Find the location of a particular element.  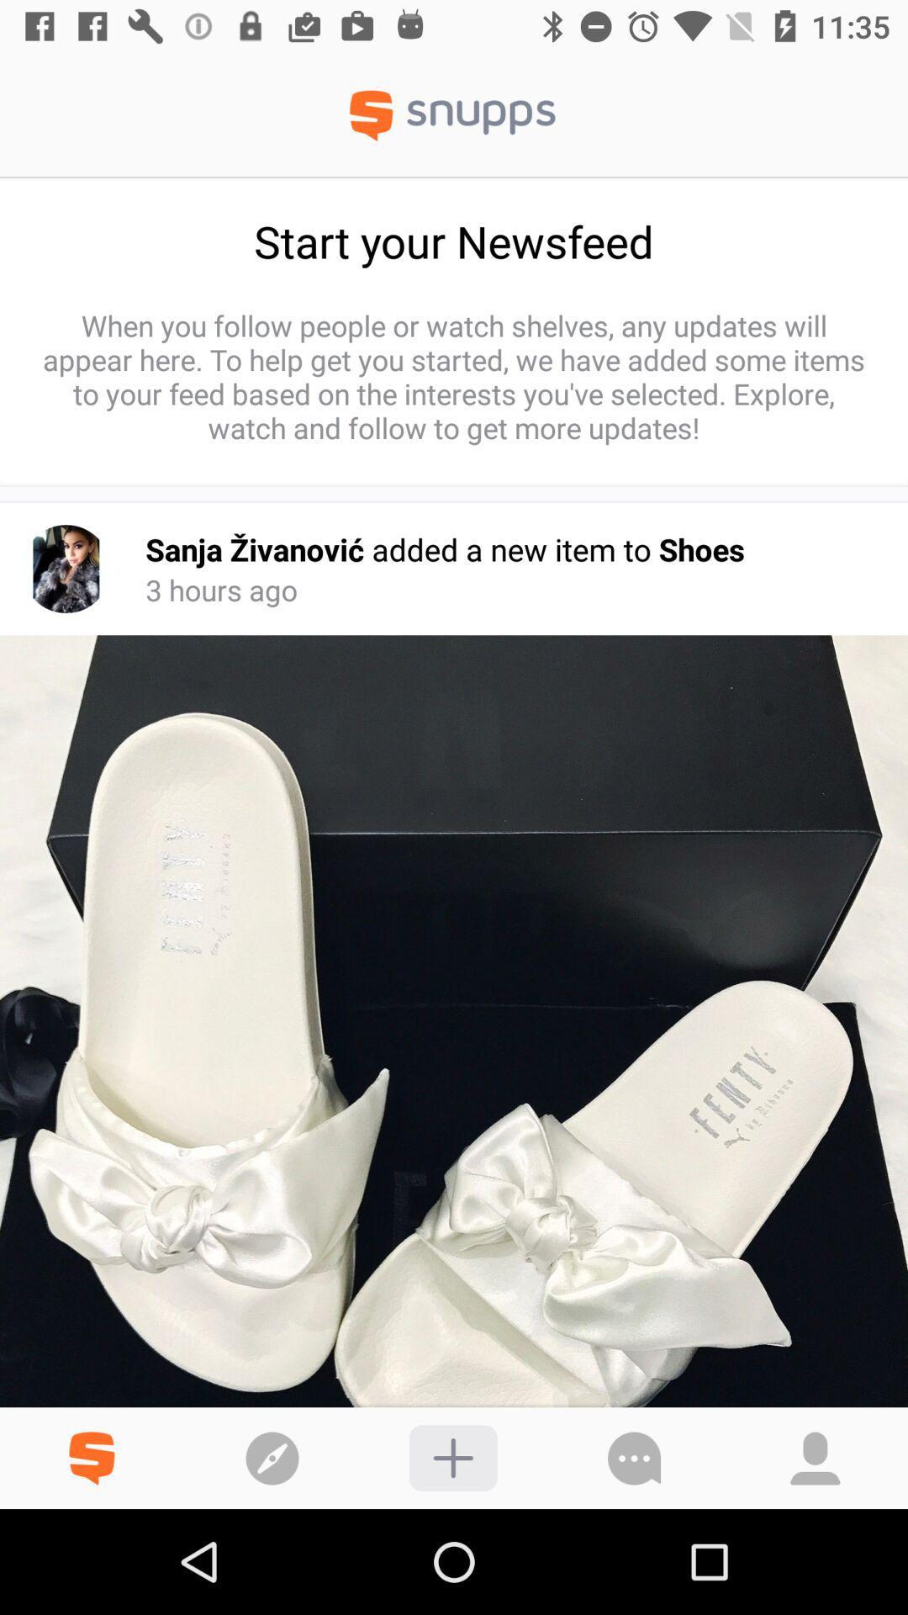

new item is located at coordinates (452, 1457).